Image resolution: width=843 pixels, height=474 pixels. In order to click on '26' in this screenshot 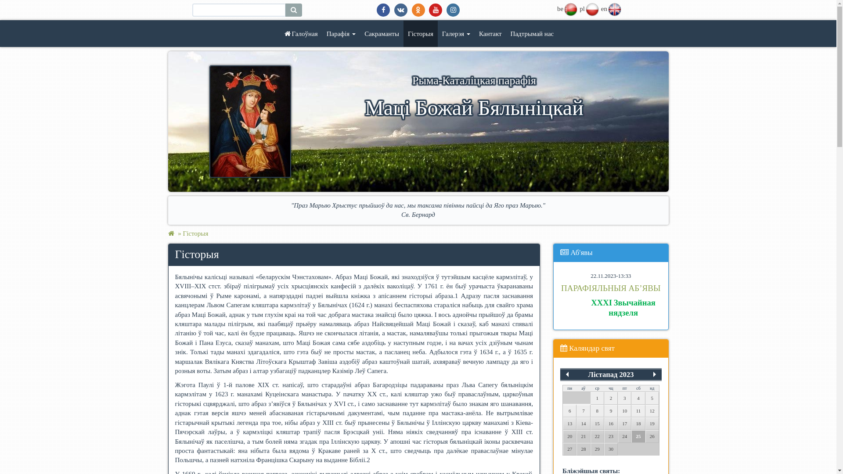, I will do `click(652, 436)`.